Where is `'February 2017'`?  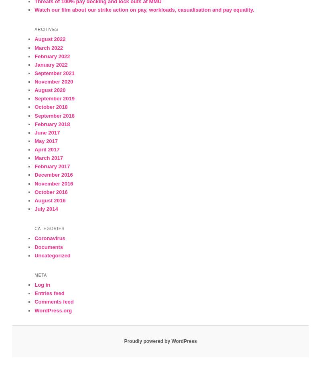 'February 2017' is located at coordinates (52, 166).